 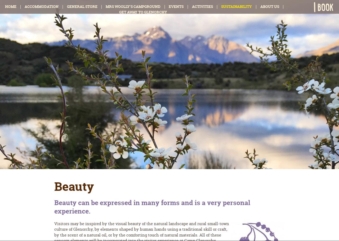 I want to click on 'Sustainability', so click(x=236, y=6).